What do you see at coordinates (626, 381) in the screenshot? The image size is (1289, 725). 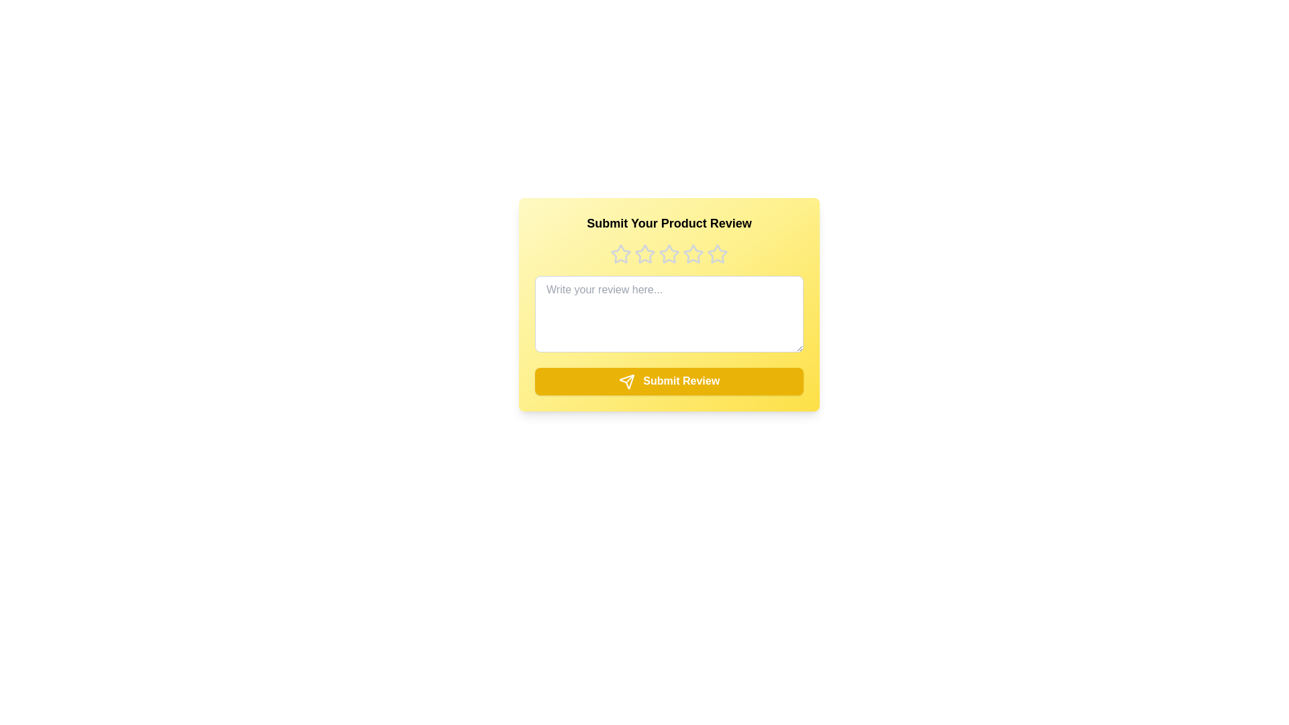 I see `the icon that symbolizes the sending or submitting action, located on the left-most side of the yellow 'Submit Review' button` at bounding box center [626, 381].